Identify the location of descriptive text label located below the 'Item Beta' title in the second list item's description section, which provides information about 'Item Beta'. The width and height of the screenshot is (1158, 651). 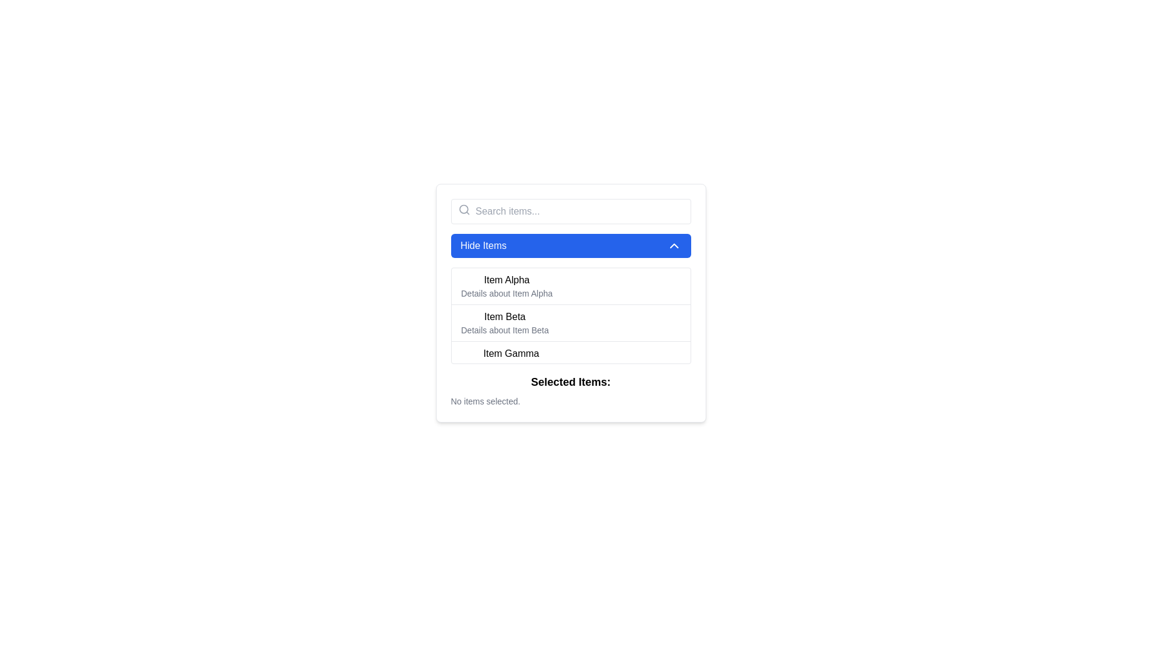
(505, 330).